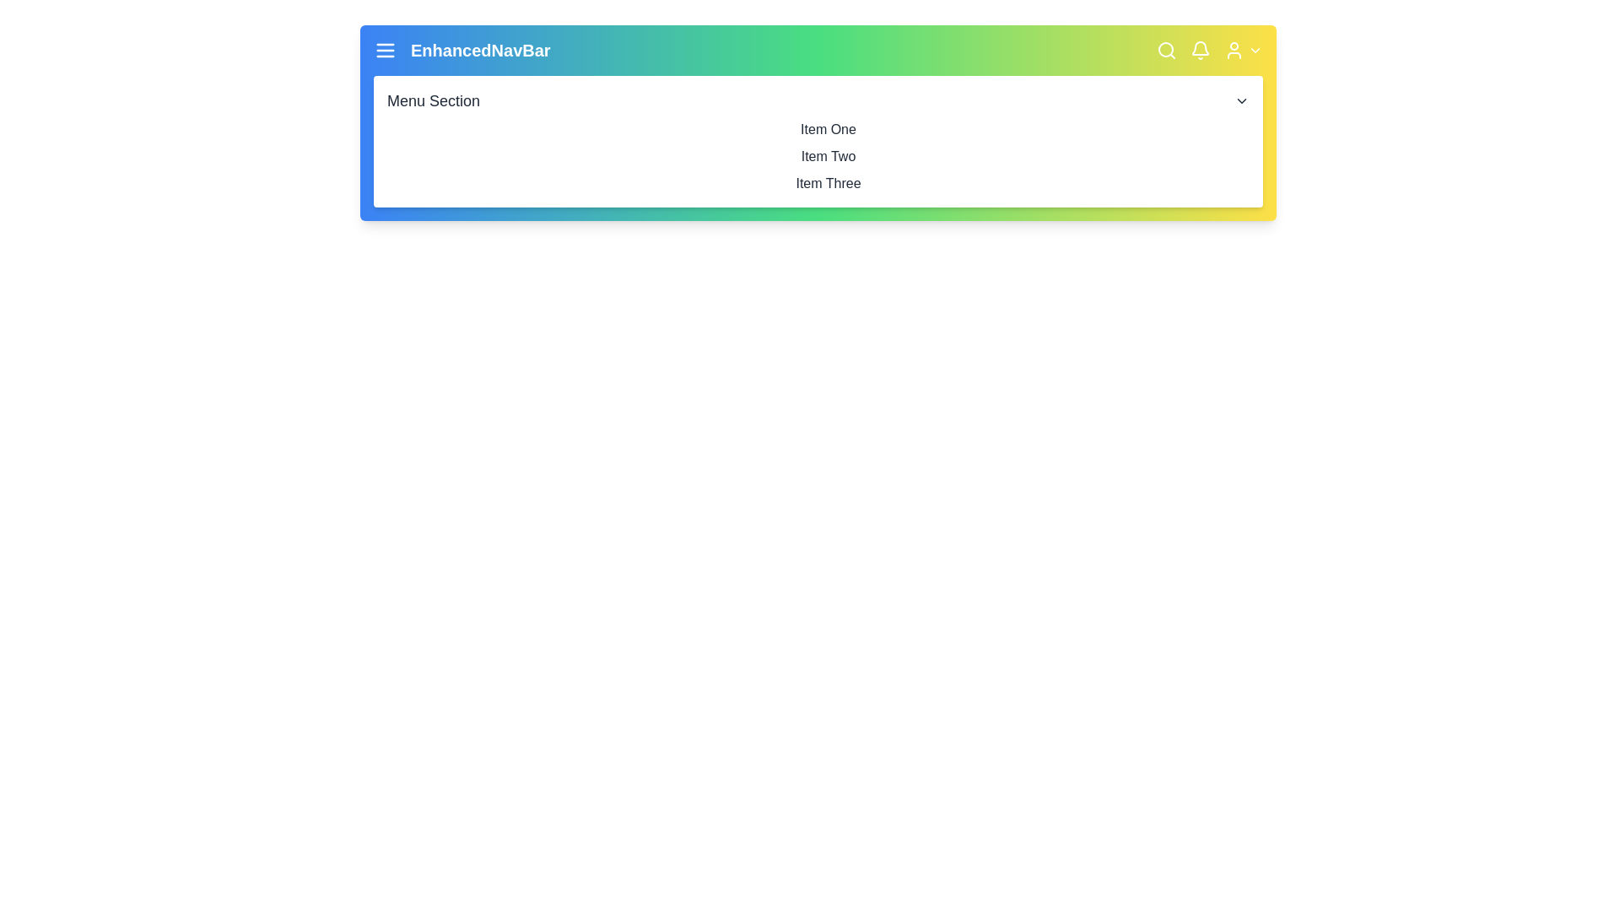 This screenshot has width=1620, height=911. I want to click on the 'Search' icon to initiate a search, so click(1165, 50).